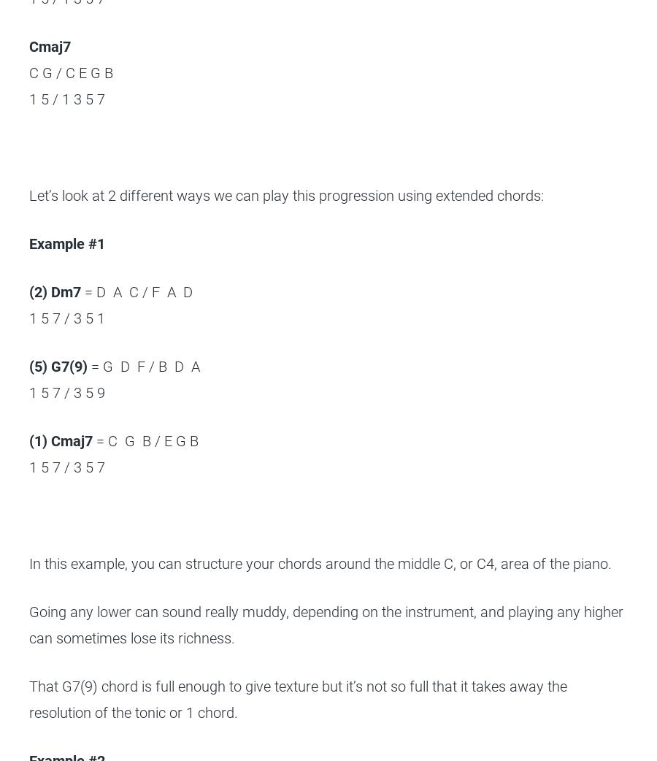 The image size is (657, 761). What do you see at coordinates (66, 318) in the screenshot?
I see `'1 5 7 / 3 5 1'` at bounding box center [66, 318].